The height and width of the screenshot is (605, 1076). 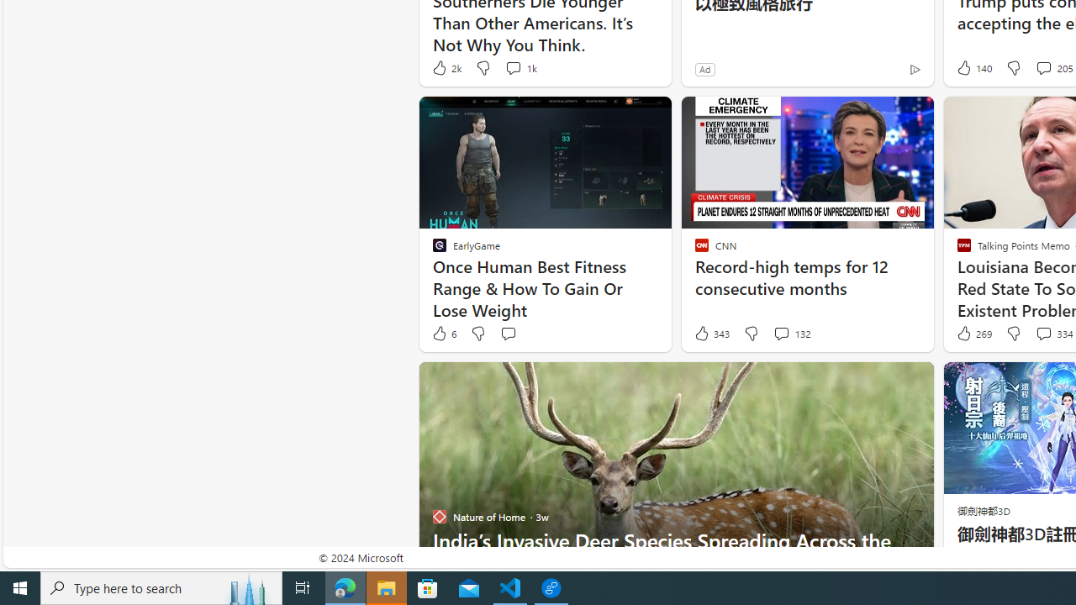 What do you see at coordinates (446, 67) in the screenshot?
I see `'2k Like'` at bounding box center [446, 67].